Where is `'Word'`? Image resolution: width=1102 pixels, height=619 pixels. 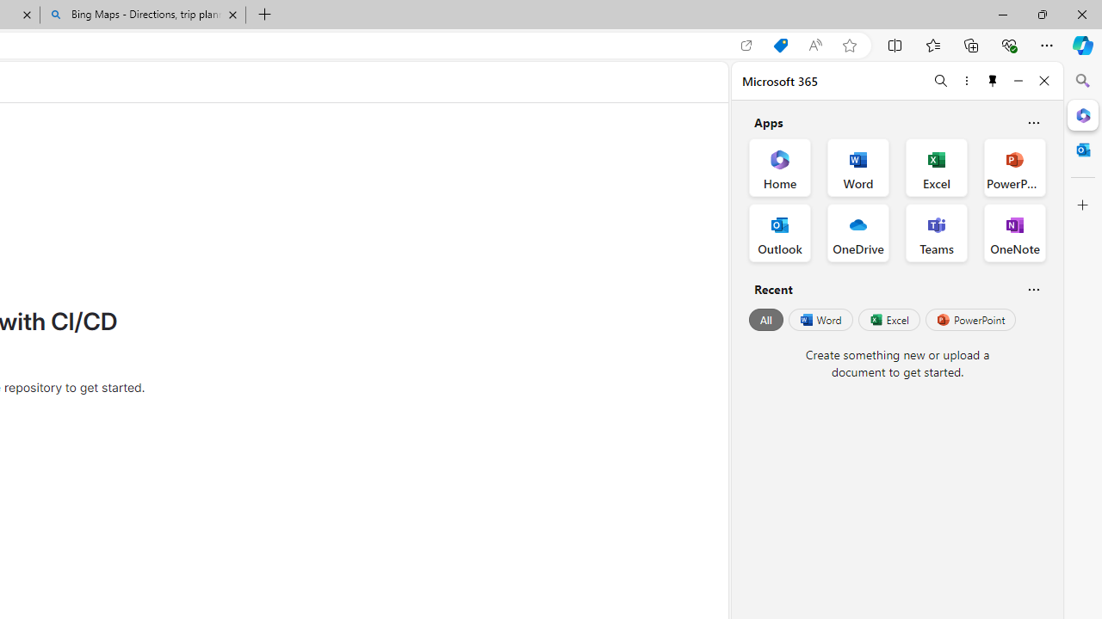 'Word' is located at coordinates (819, 320).